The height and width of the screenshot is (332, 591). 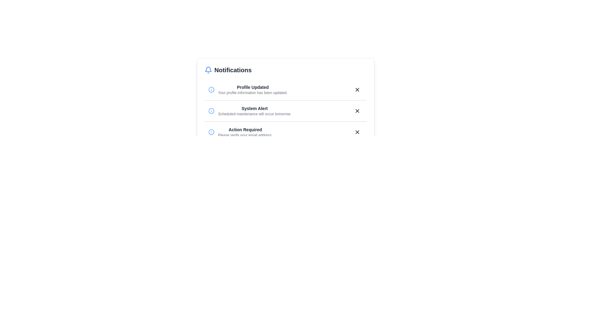 I want to click on the notification icon that informs users to verify their email address, which is the third item in the list of notifications, so click(x=240, y=132).